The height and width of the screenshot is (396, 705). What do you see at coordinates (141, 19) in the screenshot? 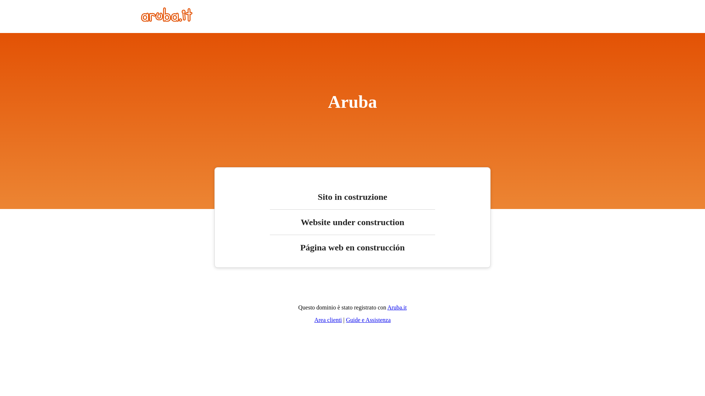
I see `'Home'` at bounding box center [141, 19].